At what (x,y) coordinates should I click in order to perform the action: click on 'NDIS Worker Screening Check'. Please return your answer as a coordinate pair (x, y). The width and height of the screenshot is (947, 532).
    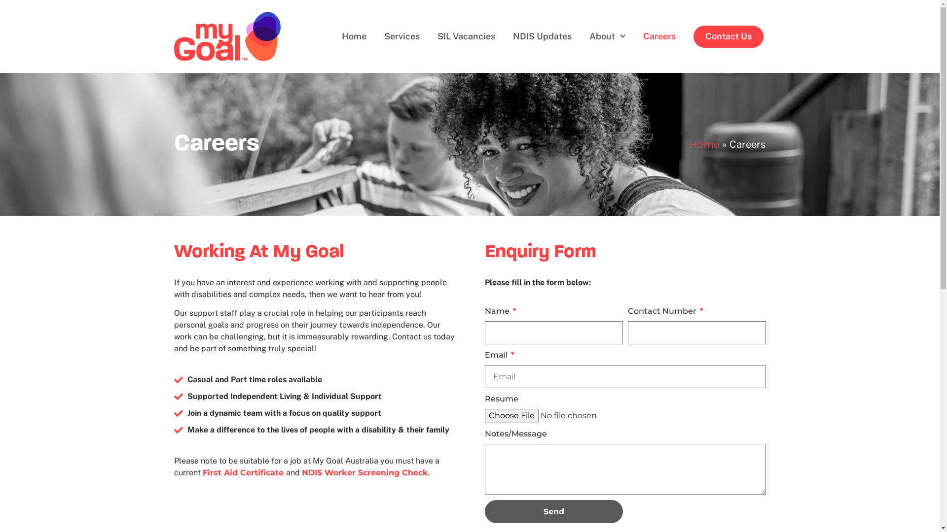
    Looking at the image, I should click on (301, 472).